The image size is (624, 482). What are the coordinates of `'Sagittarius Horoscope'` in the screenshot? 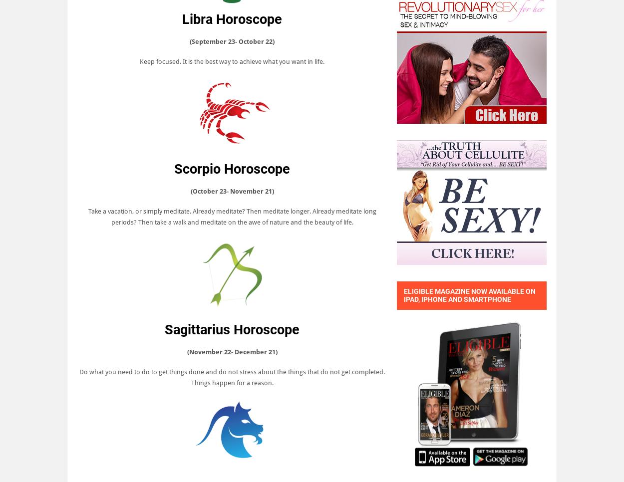 It's located at (232, 330).